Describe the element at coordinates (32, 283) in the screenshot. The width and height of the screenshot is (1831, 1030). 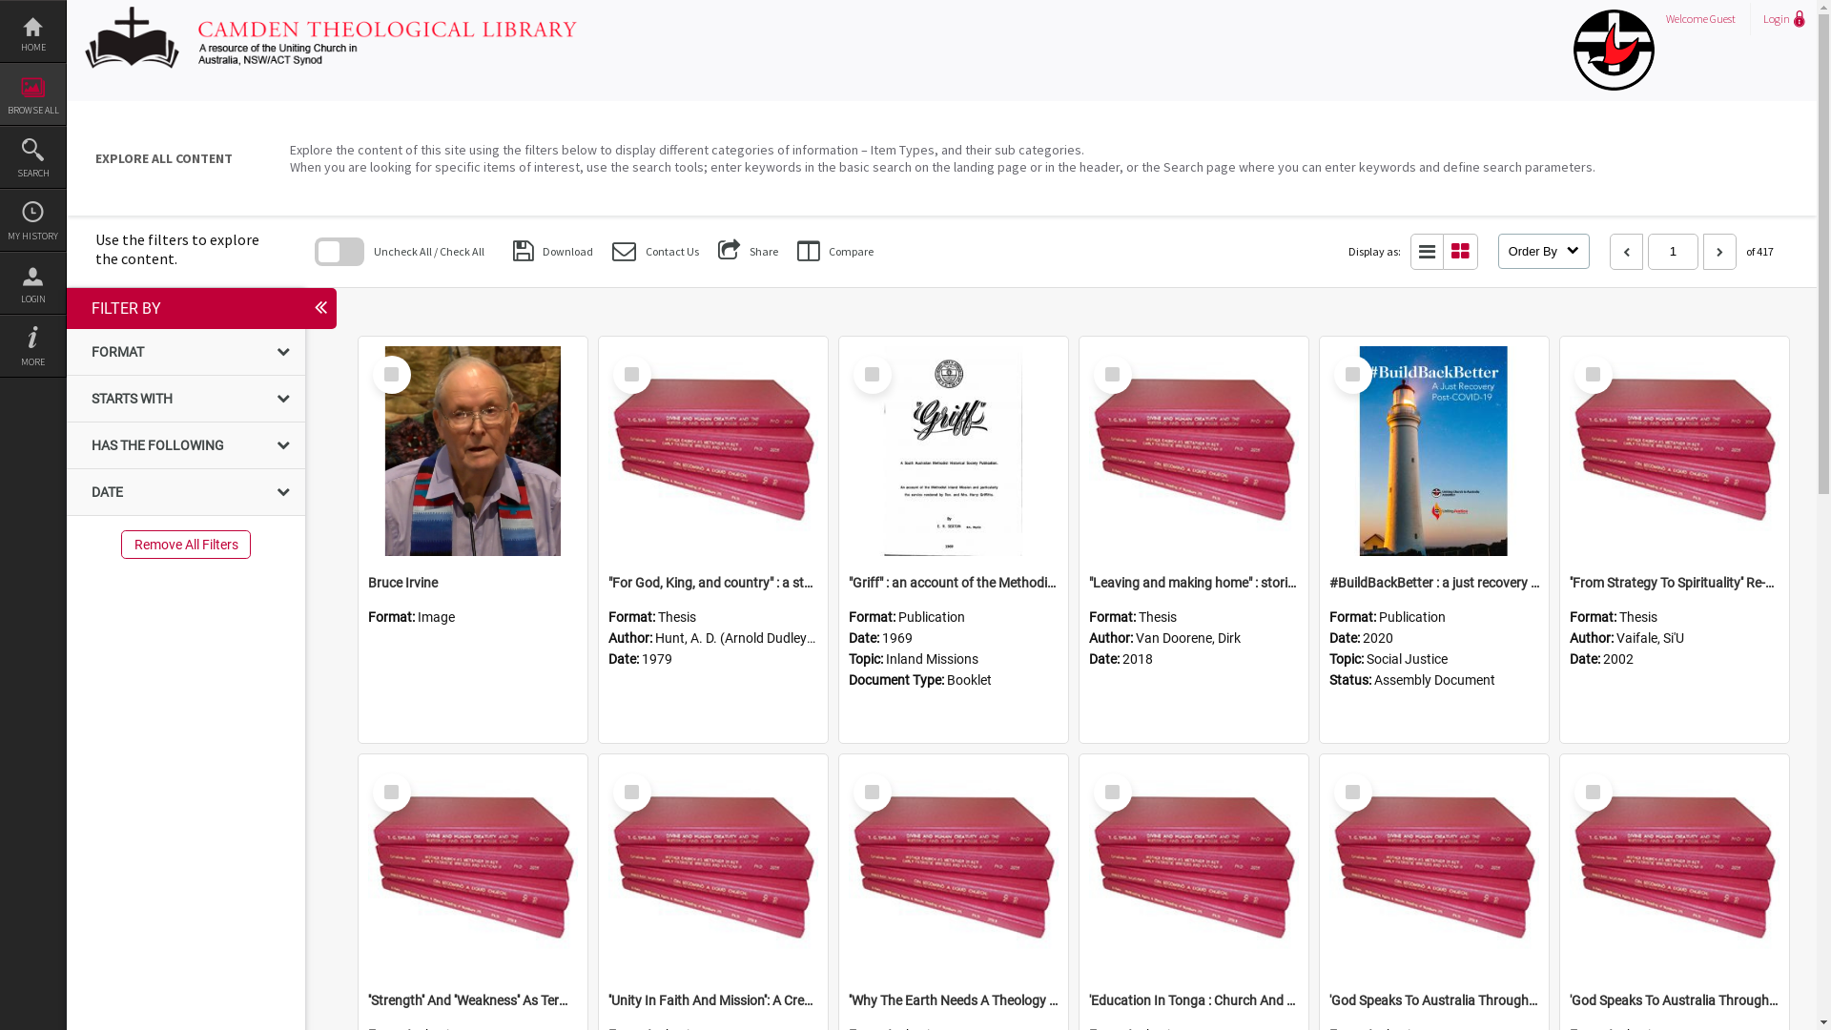
I see `'LOGIN'` at that location.